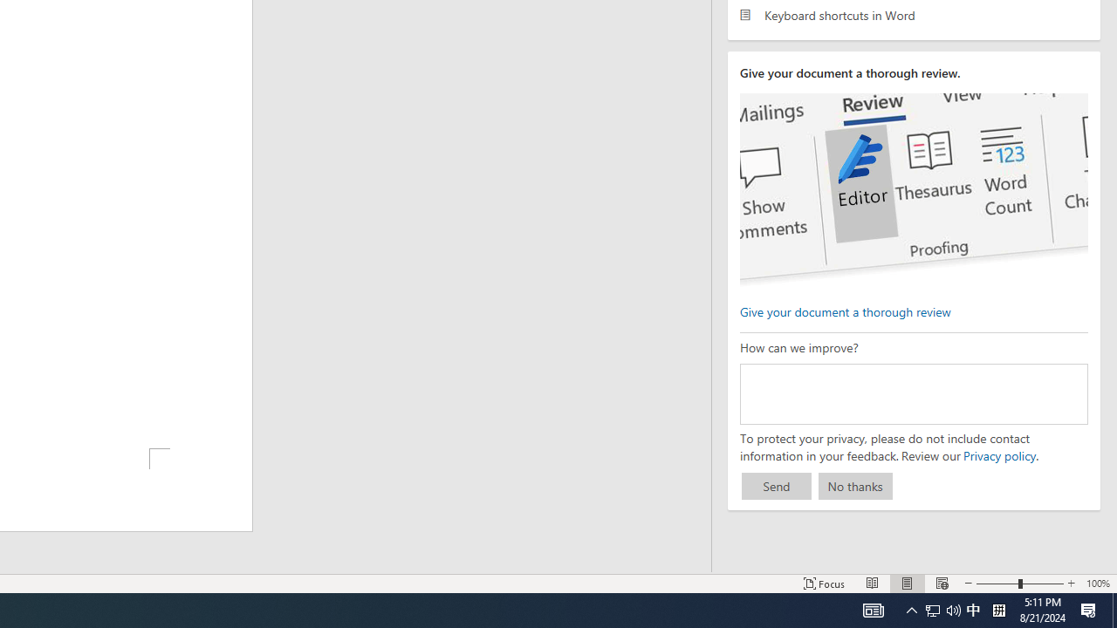  What do you see at coordinates (998, 454) in the screenshot?
I see `'Privacy policy'` at bounding box center [998, 454].